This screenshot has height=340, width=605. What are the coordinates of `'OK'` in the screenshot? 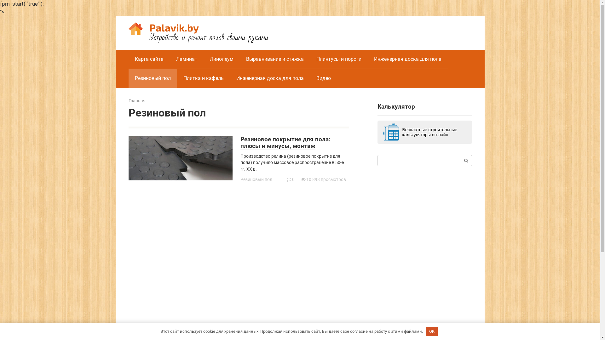 It's located at (432, 331).